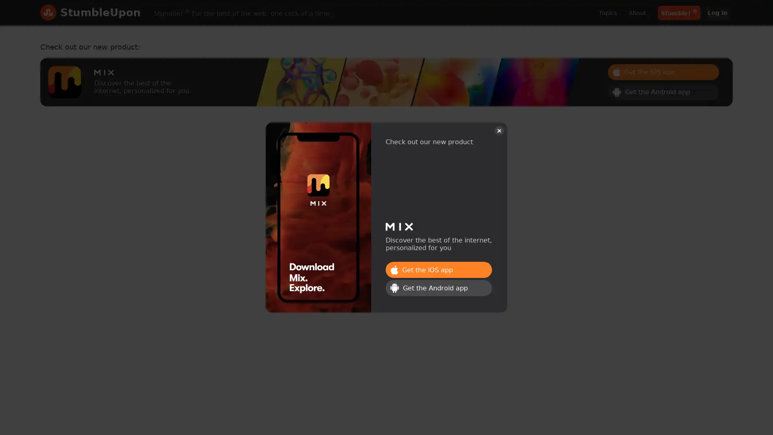  I want to click on Header Image 1 Get the Android app, so click(663, 91).